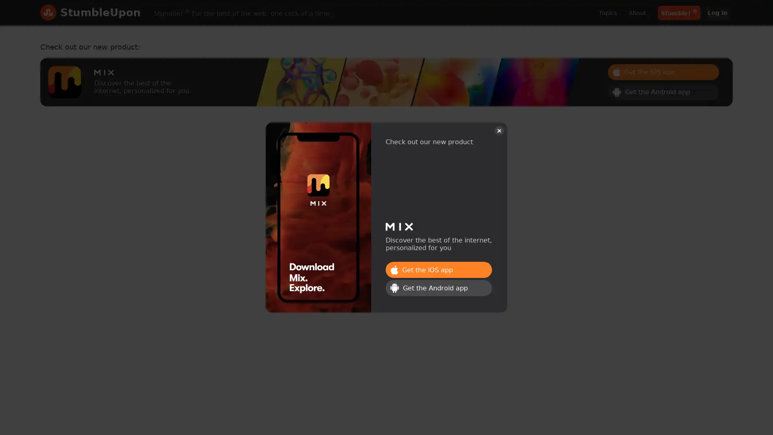  I want to click on Header Image 1 Get the Android app, so click(663, 91).